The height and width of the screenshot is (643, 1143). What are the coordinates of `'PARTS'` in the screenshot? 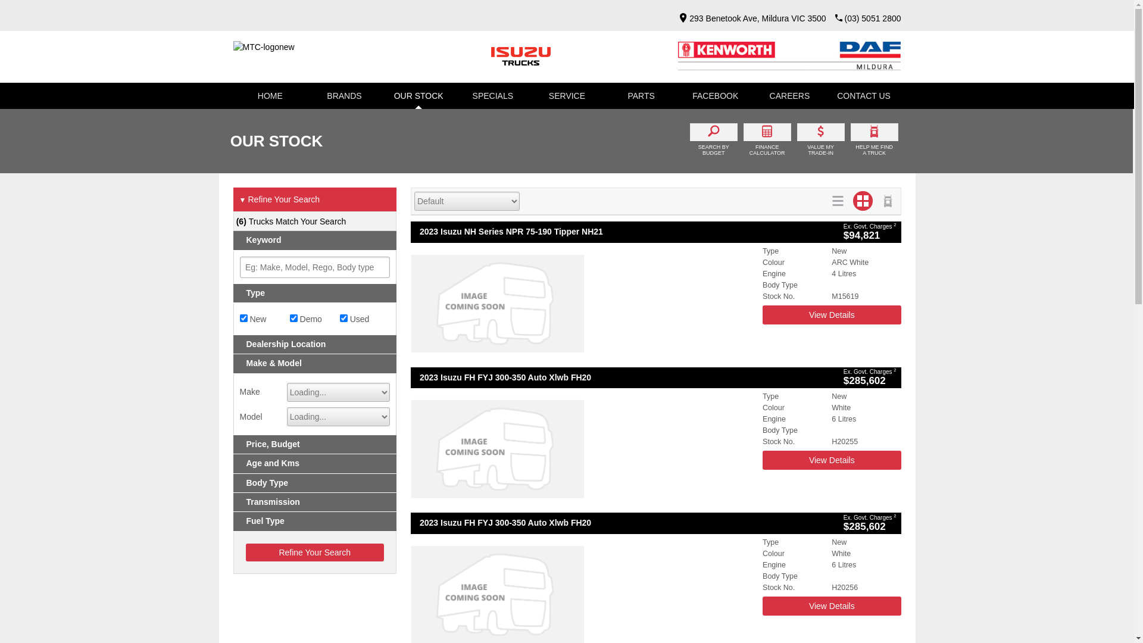 It's located at (641, 95).